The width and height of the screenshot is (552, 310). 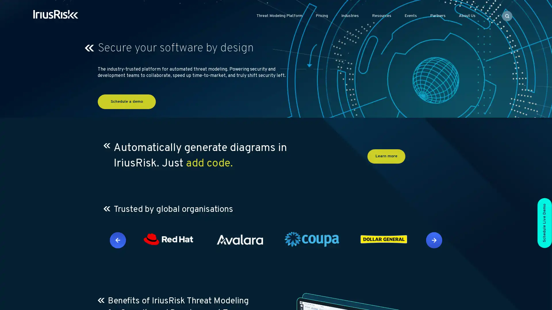 What do you see at coordinates (117, 239) in the screenshot?
I see `Previous slide` at bounding box center [117, 239].